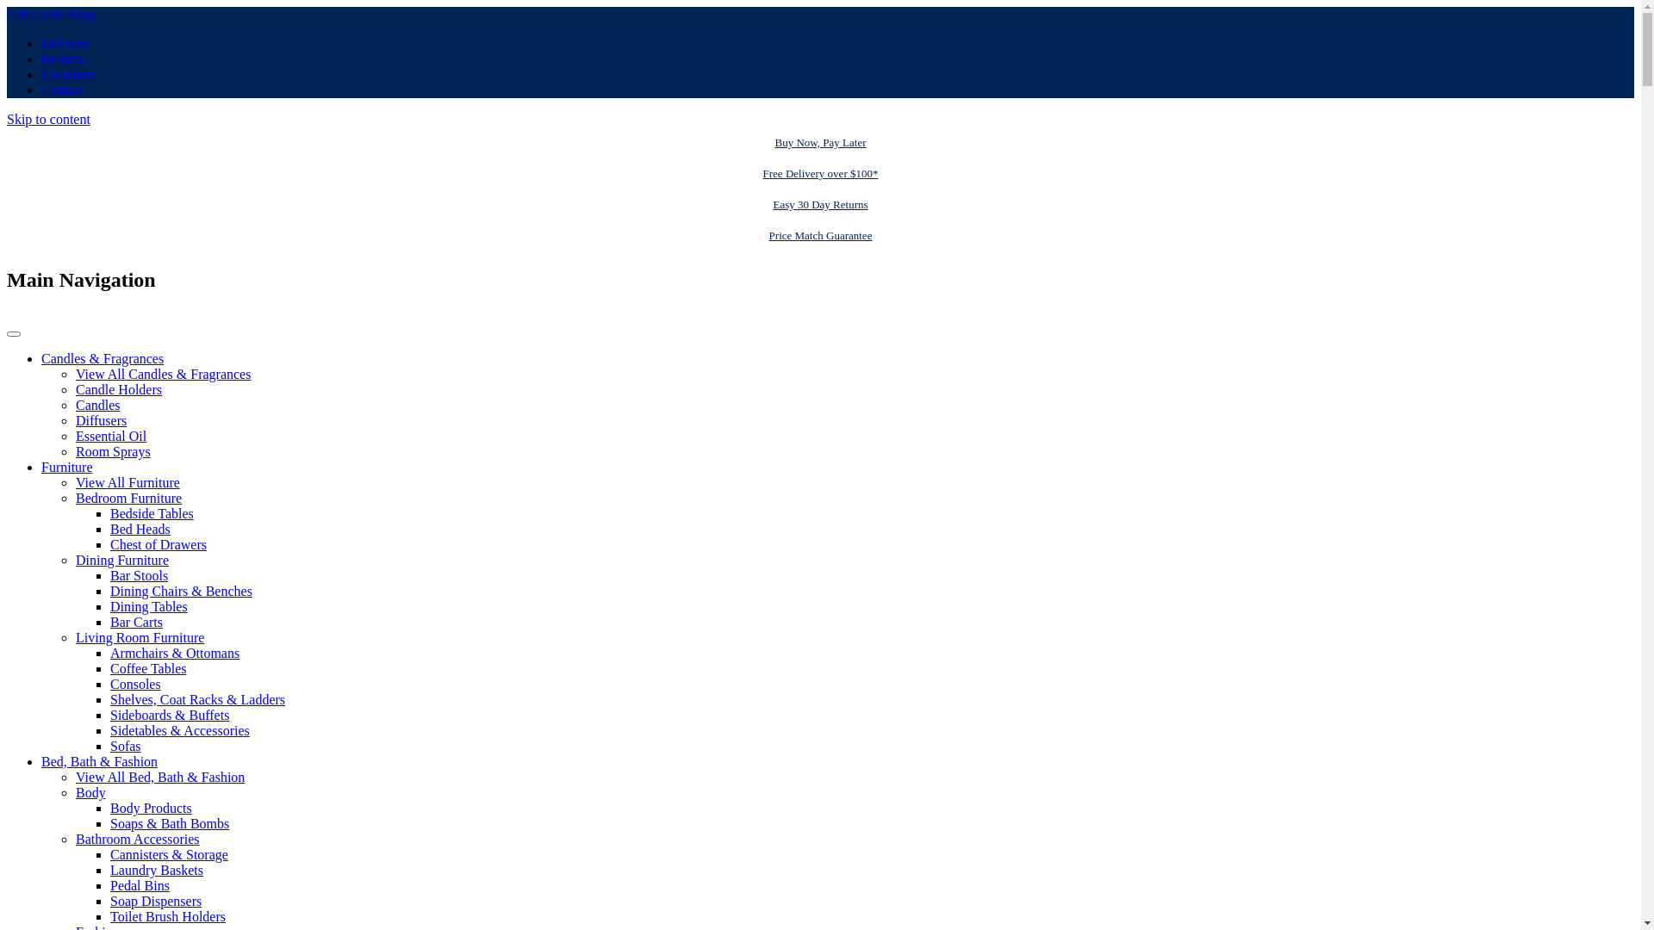 This screenshot has width=1654, height=930. Describe the element at coordinates (121, 560) in the screenshot. I see `'Dining Furniture'` at that location.